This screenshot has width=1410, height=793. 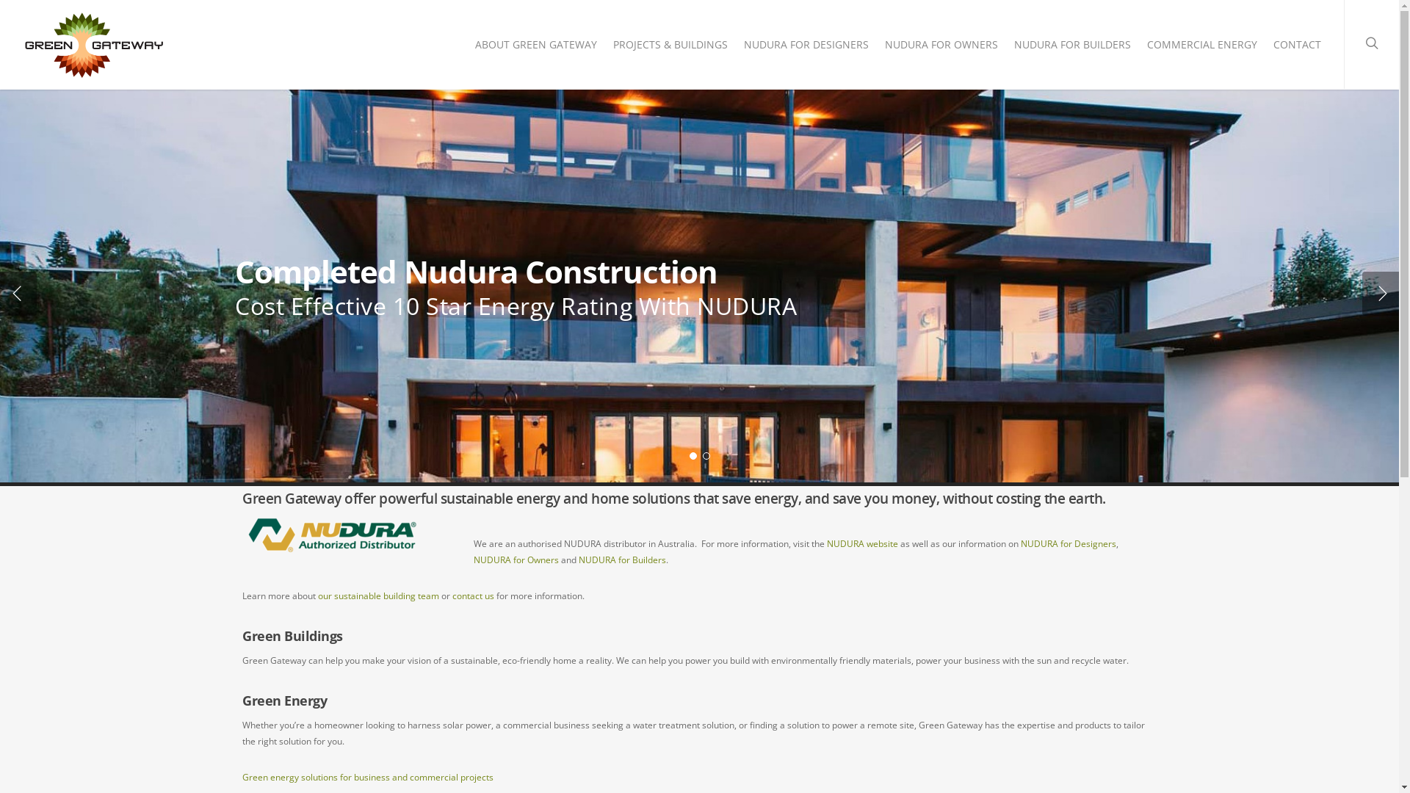 What do you see at coordinates (1072, 47) in the screenshot?
I see `'NUDURA FOR BUILDERS'` at bounding box center [1072, 47].